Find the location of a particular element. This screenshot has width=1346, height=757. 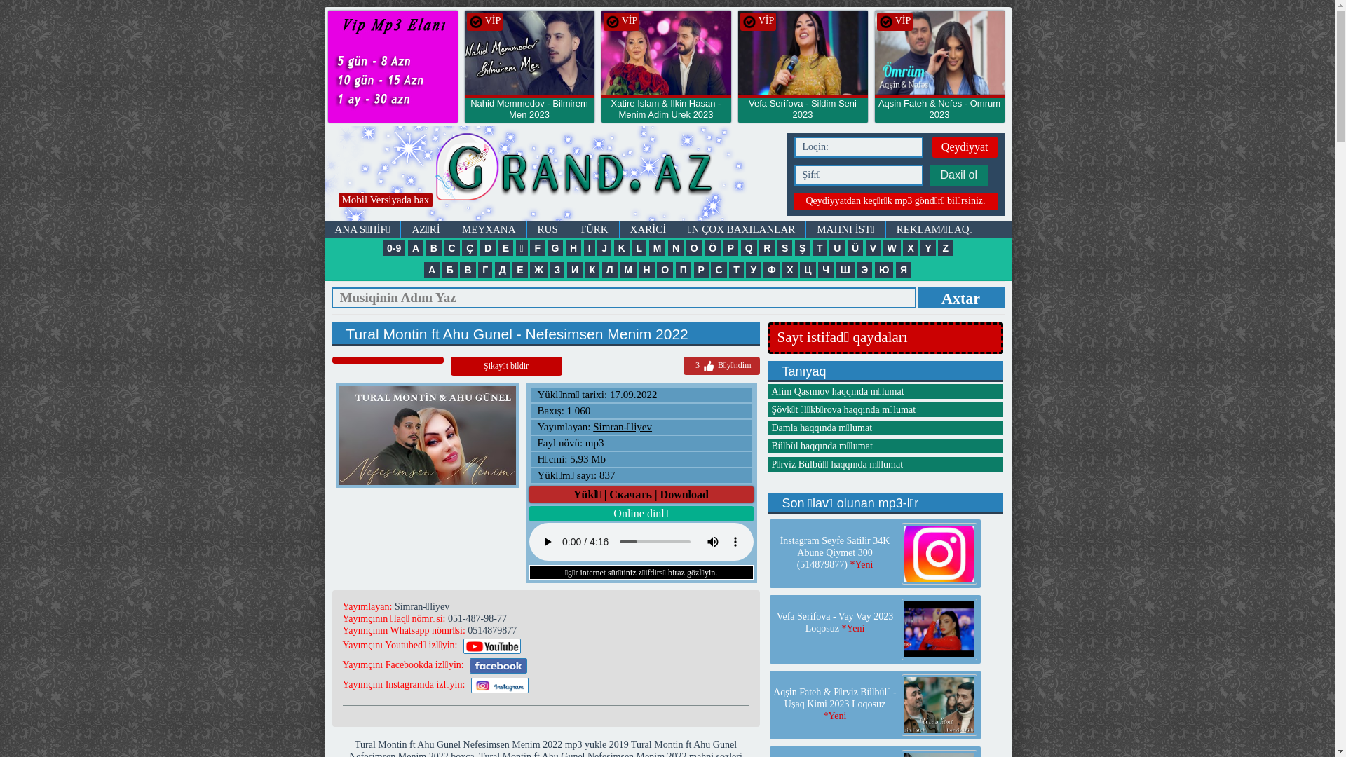

'F' is located at coordinates (536, 247).